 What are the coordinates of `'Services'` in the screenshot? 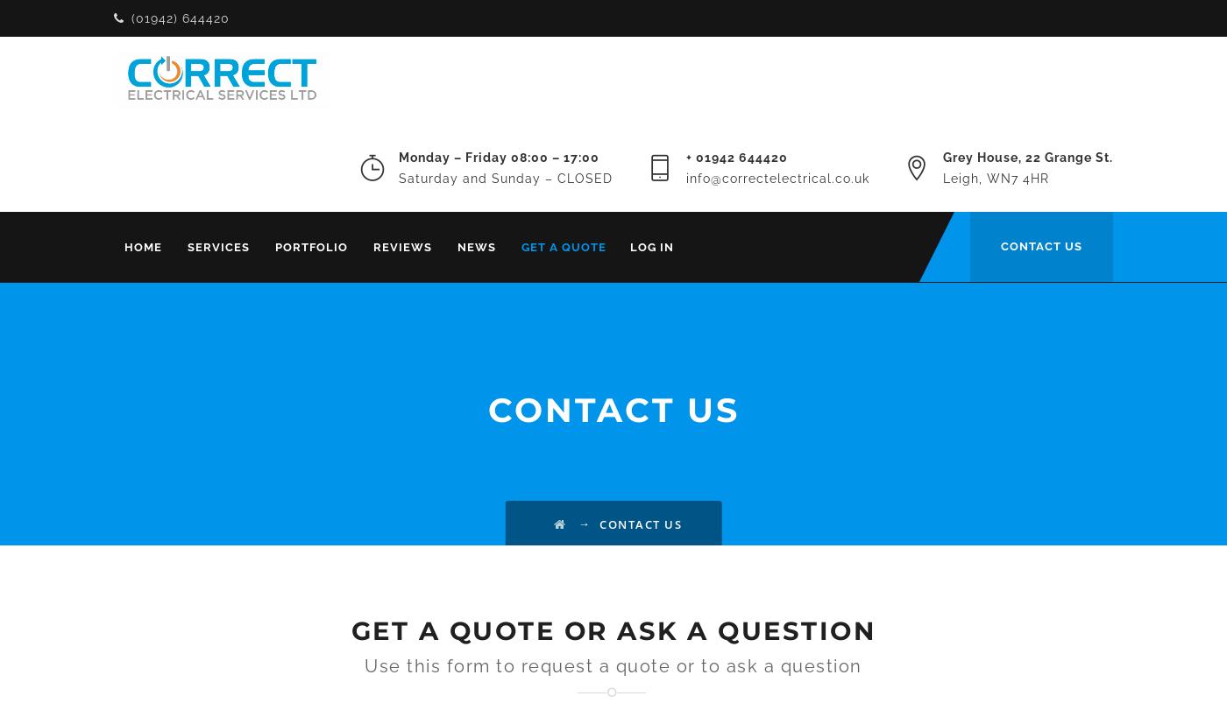 It's located at (188, 246).